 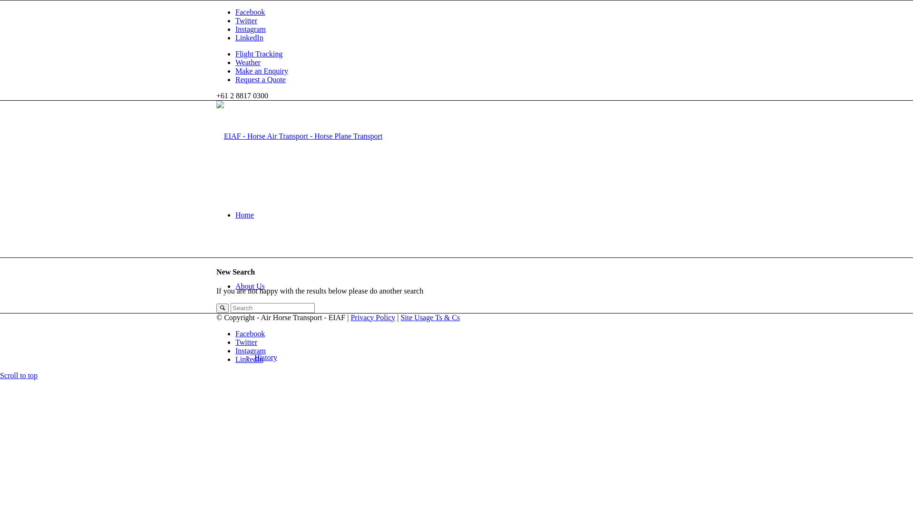 What do you see at coordinates (260, 79) in the screenshot?
I see `'Request a Quote'` at bounding box center [260, 79].